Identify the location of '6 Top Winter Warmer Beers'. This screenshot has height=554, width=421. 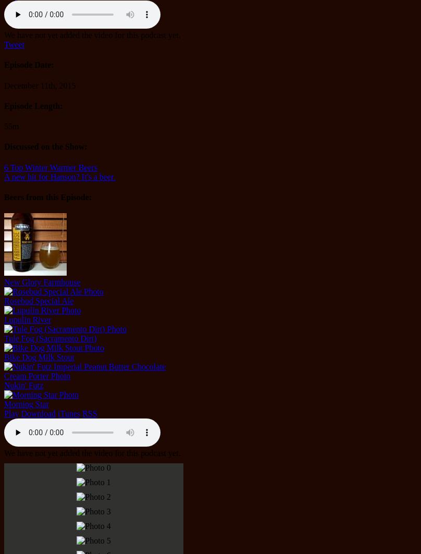
(4, 167).